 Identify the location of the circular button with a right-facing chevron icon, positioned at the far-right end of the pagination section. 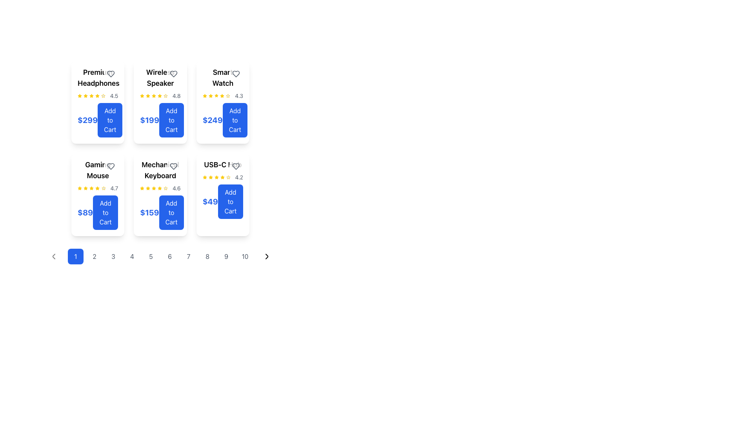
(267, 257).